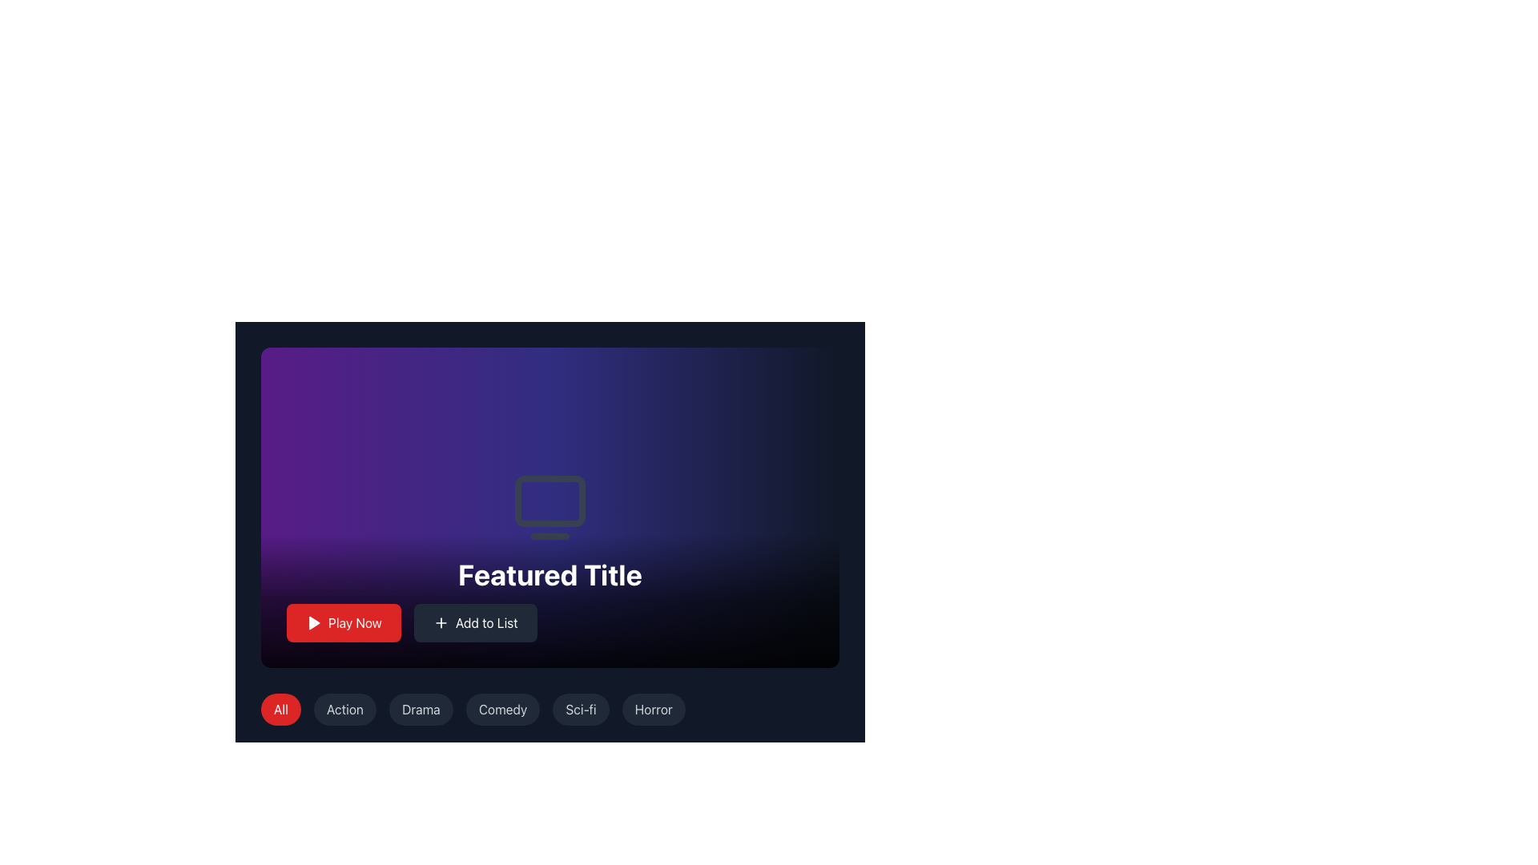  What do you see at coordinates (441, 622) in the screenshot?
I see `the plus icon on the 'Add to List' button, which is positioned to the left of the textual label and located to the right of the 'Play Now' button` at bounding box center [441, 622].